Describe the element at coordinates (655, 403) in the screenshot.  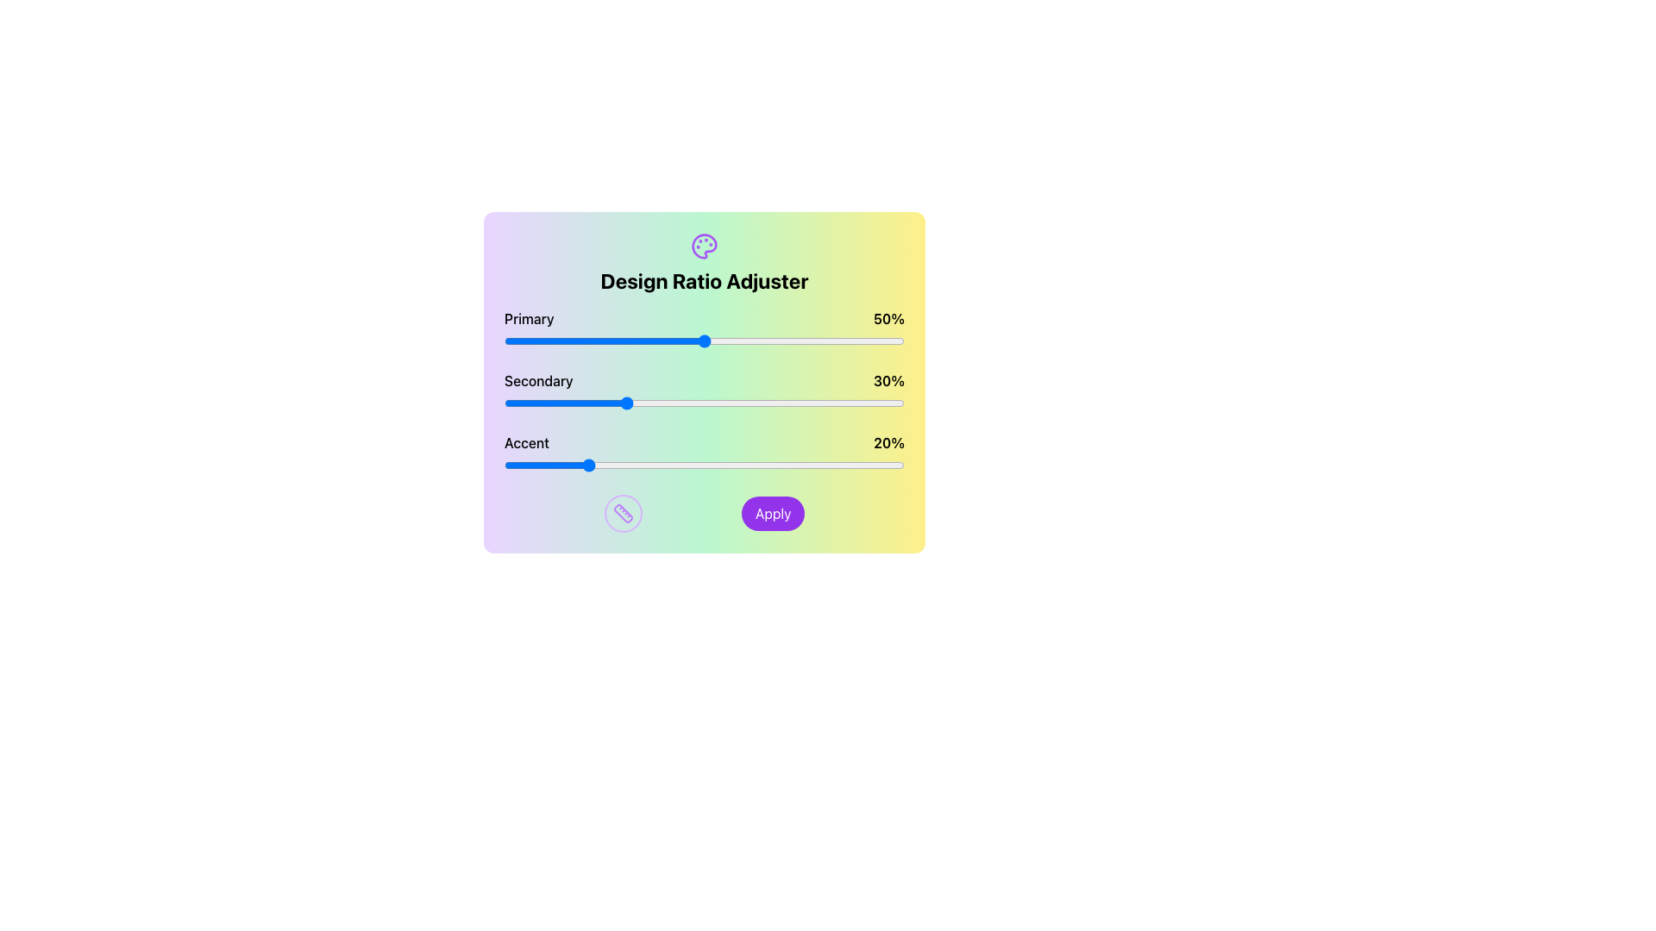
I see `the slider` at that location.